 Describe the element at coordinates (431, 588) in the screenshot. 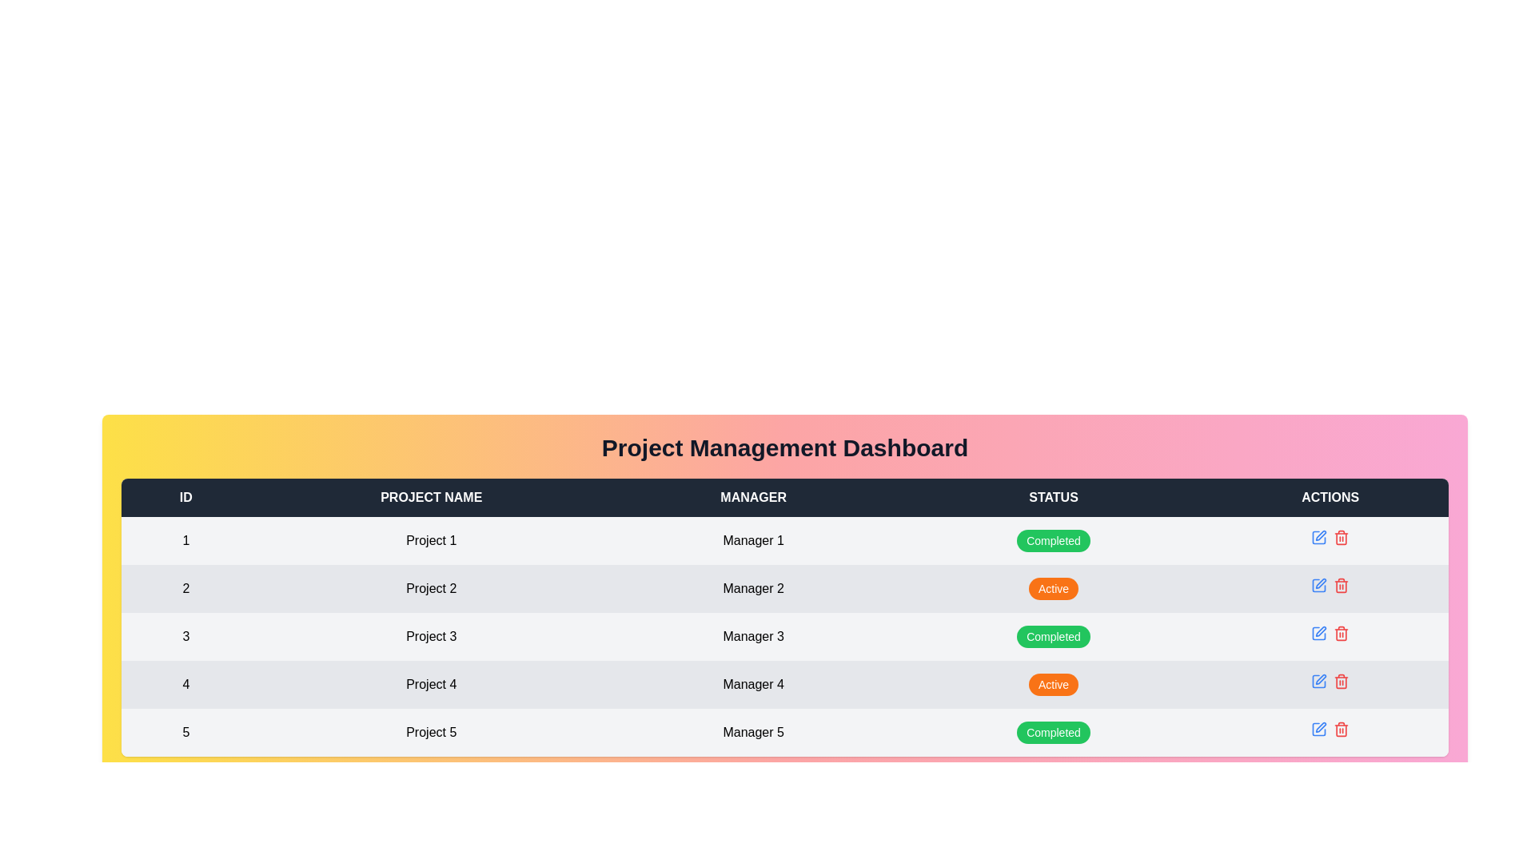

I see `the text label displaying 'Project 2', which is located in the second column of the second row in a table, centered between the 'ID' and 'MANAGER' columns` at that location.